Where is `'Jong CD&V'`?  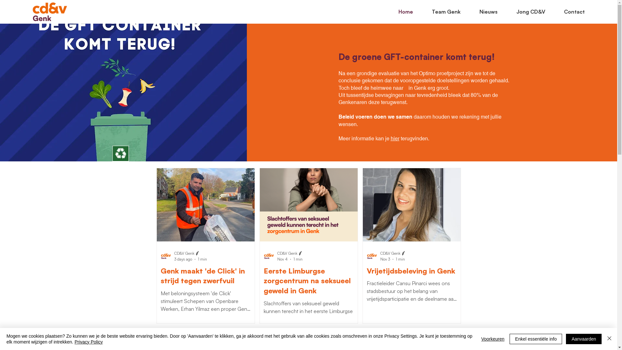
'Jong CD&V' is located at coordinates (526, 11).